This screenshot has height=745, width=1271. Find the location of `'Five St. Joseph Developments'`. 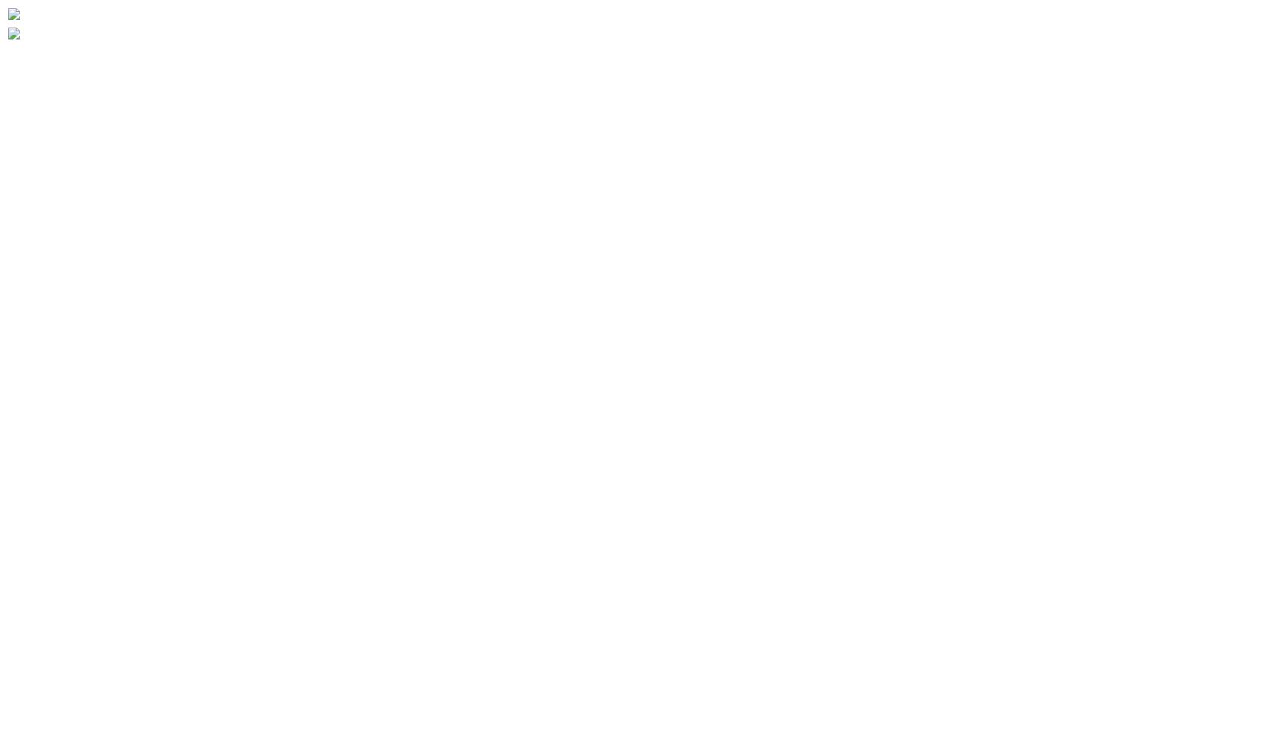

'Five St. Joseph Developments' is located at coordinates (132, 524).